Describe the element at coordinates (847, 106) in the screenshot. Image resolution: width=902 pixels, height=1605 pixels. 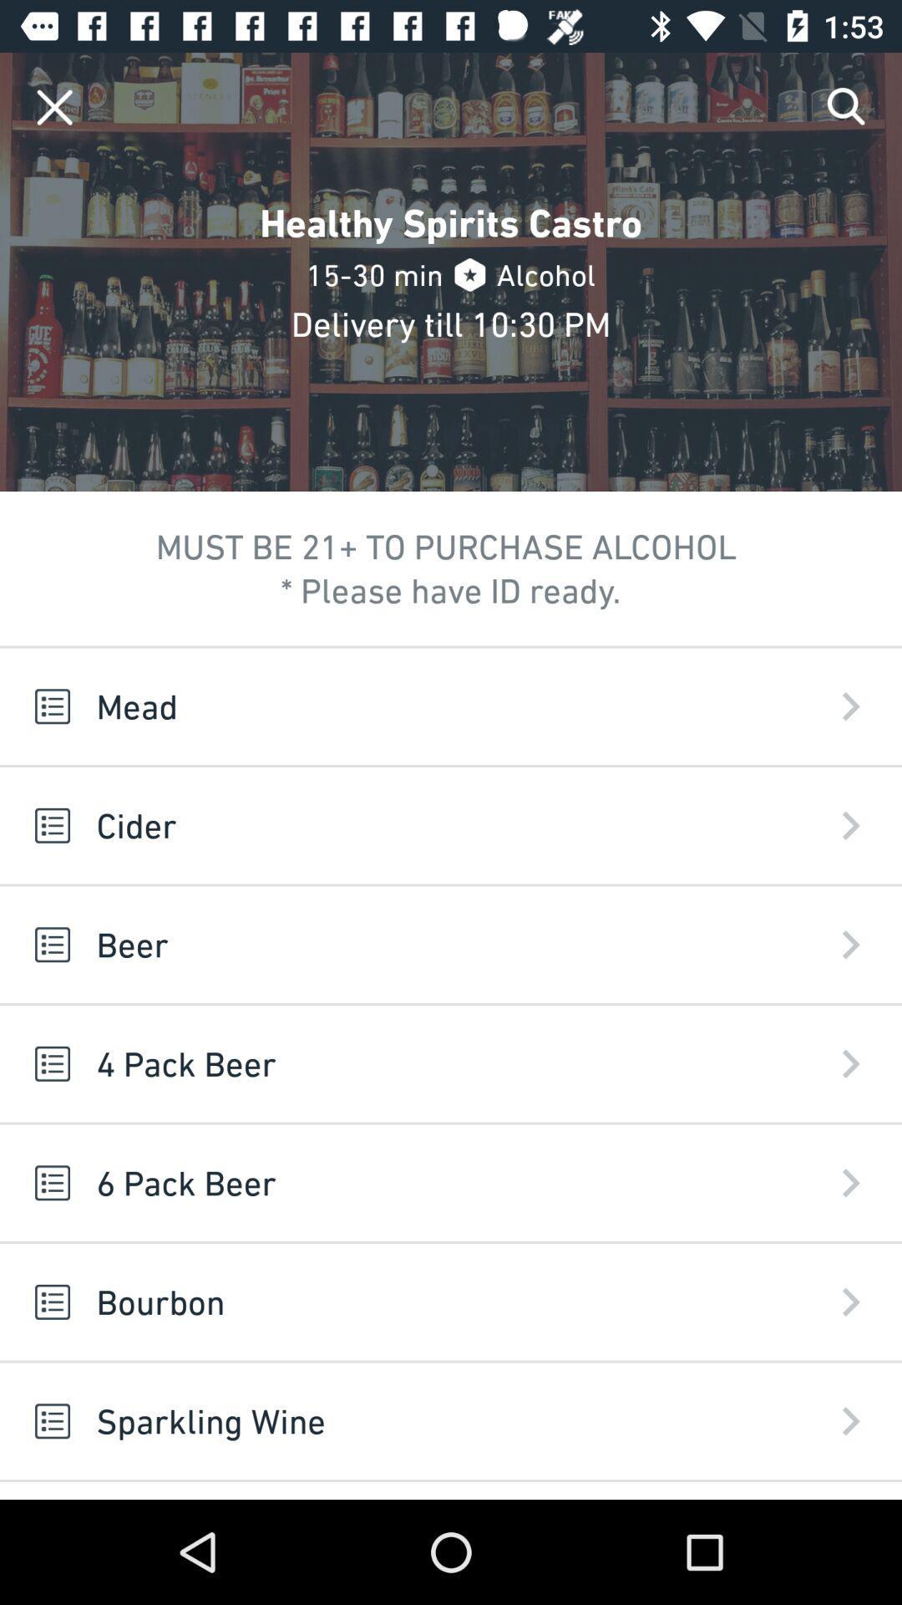
I see `search for more` at that location.